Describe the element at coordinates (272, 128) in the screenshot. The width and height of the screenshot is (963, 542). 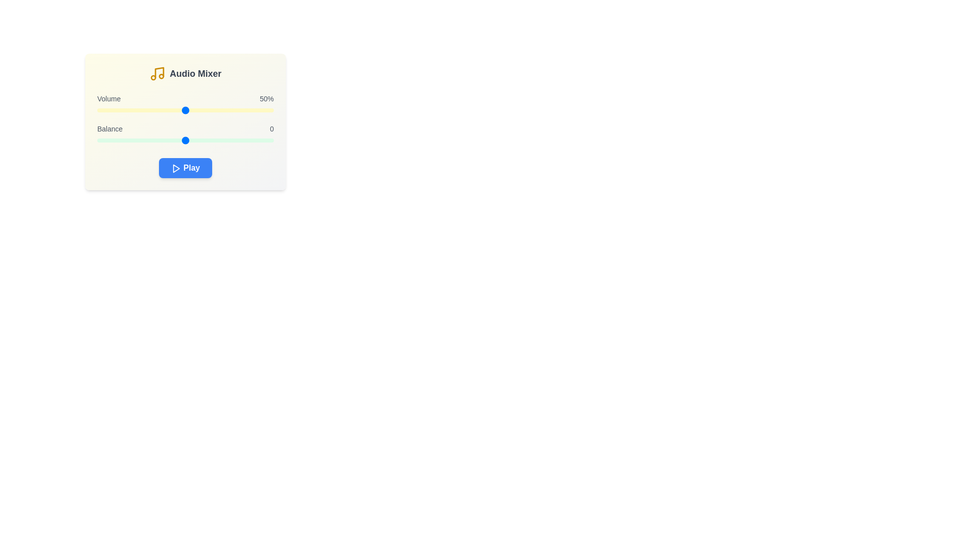
I see `numeric value displayed in the Text label element that shows '0', positioned to the far right of the 'Balance' section in the user interface` at that location.